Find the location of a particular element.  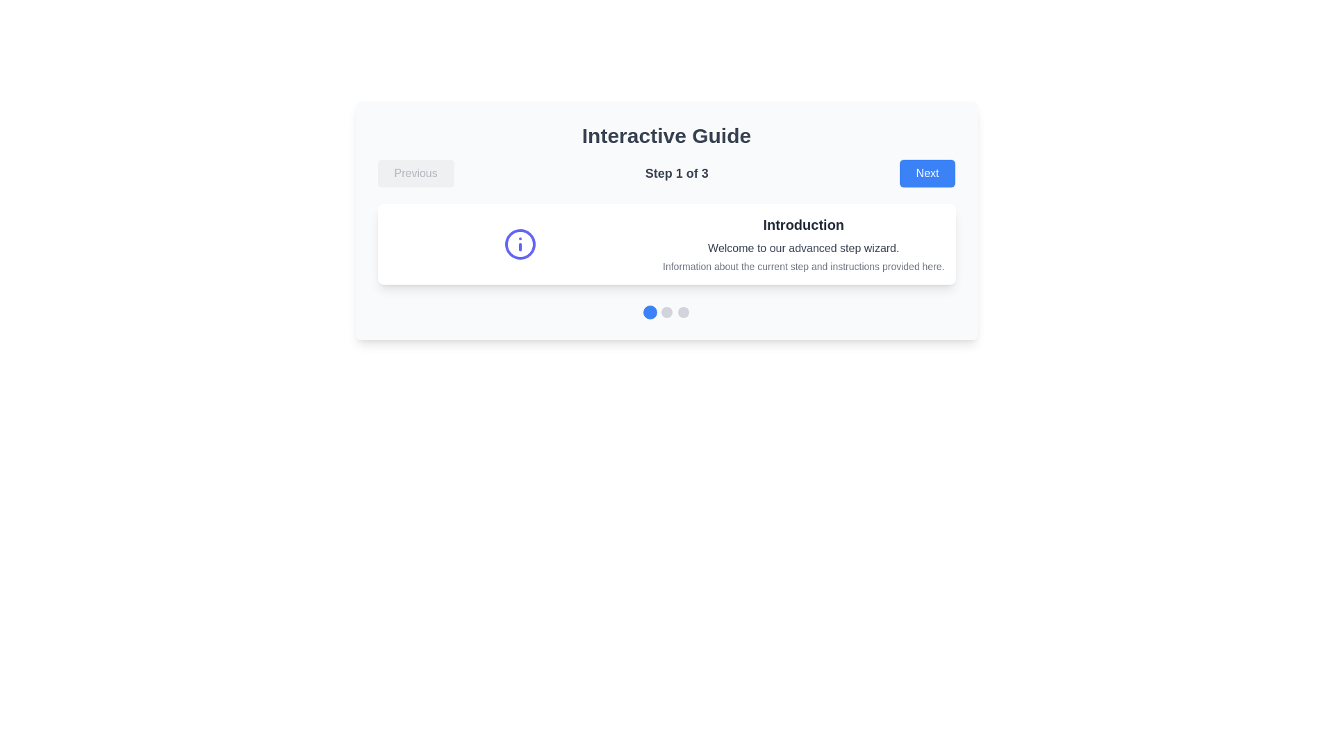

the circular icon with a light indigo border and a centered exclamation mark, located to the left of the 'Introduction' text block for more information is located at coordinates (519, 243).